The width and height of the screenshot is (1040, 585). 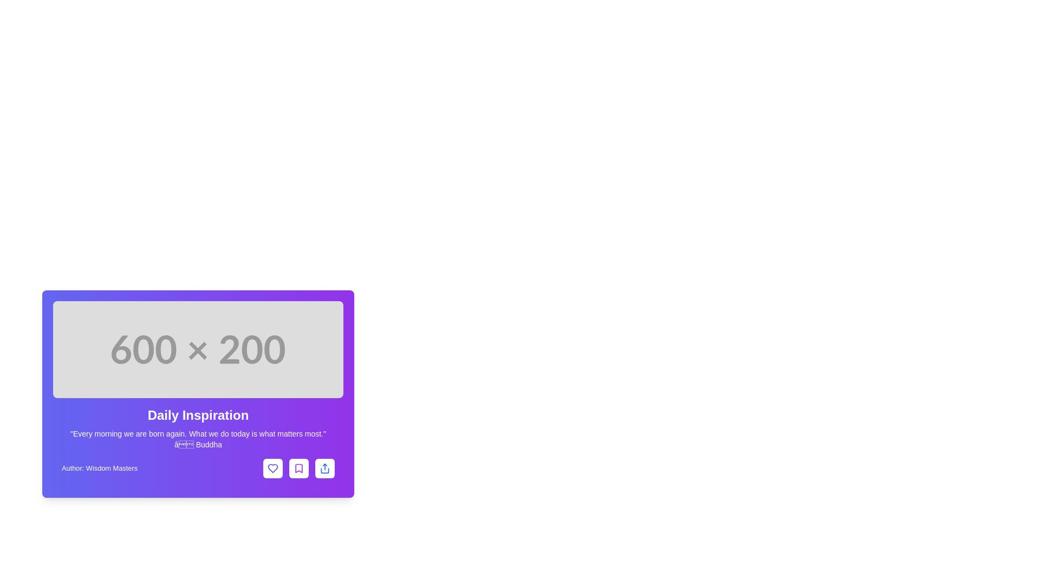 I want to click on the motivational quote text in the 'Daily Inspiration' section, located directly below the heading and above the author's information, so click(x=198, y=439).